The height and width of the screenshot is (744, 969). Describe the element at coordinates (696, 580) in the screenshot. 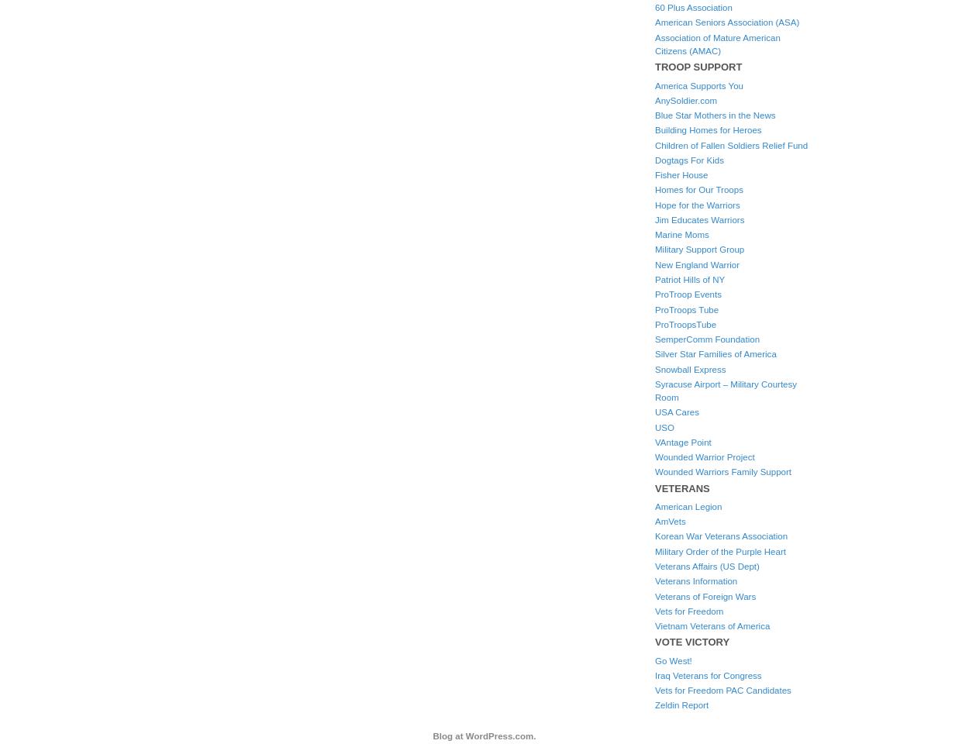

I see `'Veterans Information'` at that location.